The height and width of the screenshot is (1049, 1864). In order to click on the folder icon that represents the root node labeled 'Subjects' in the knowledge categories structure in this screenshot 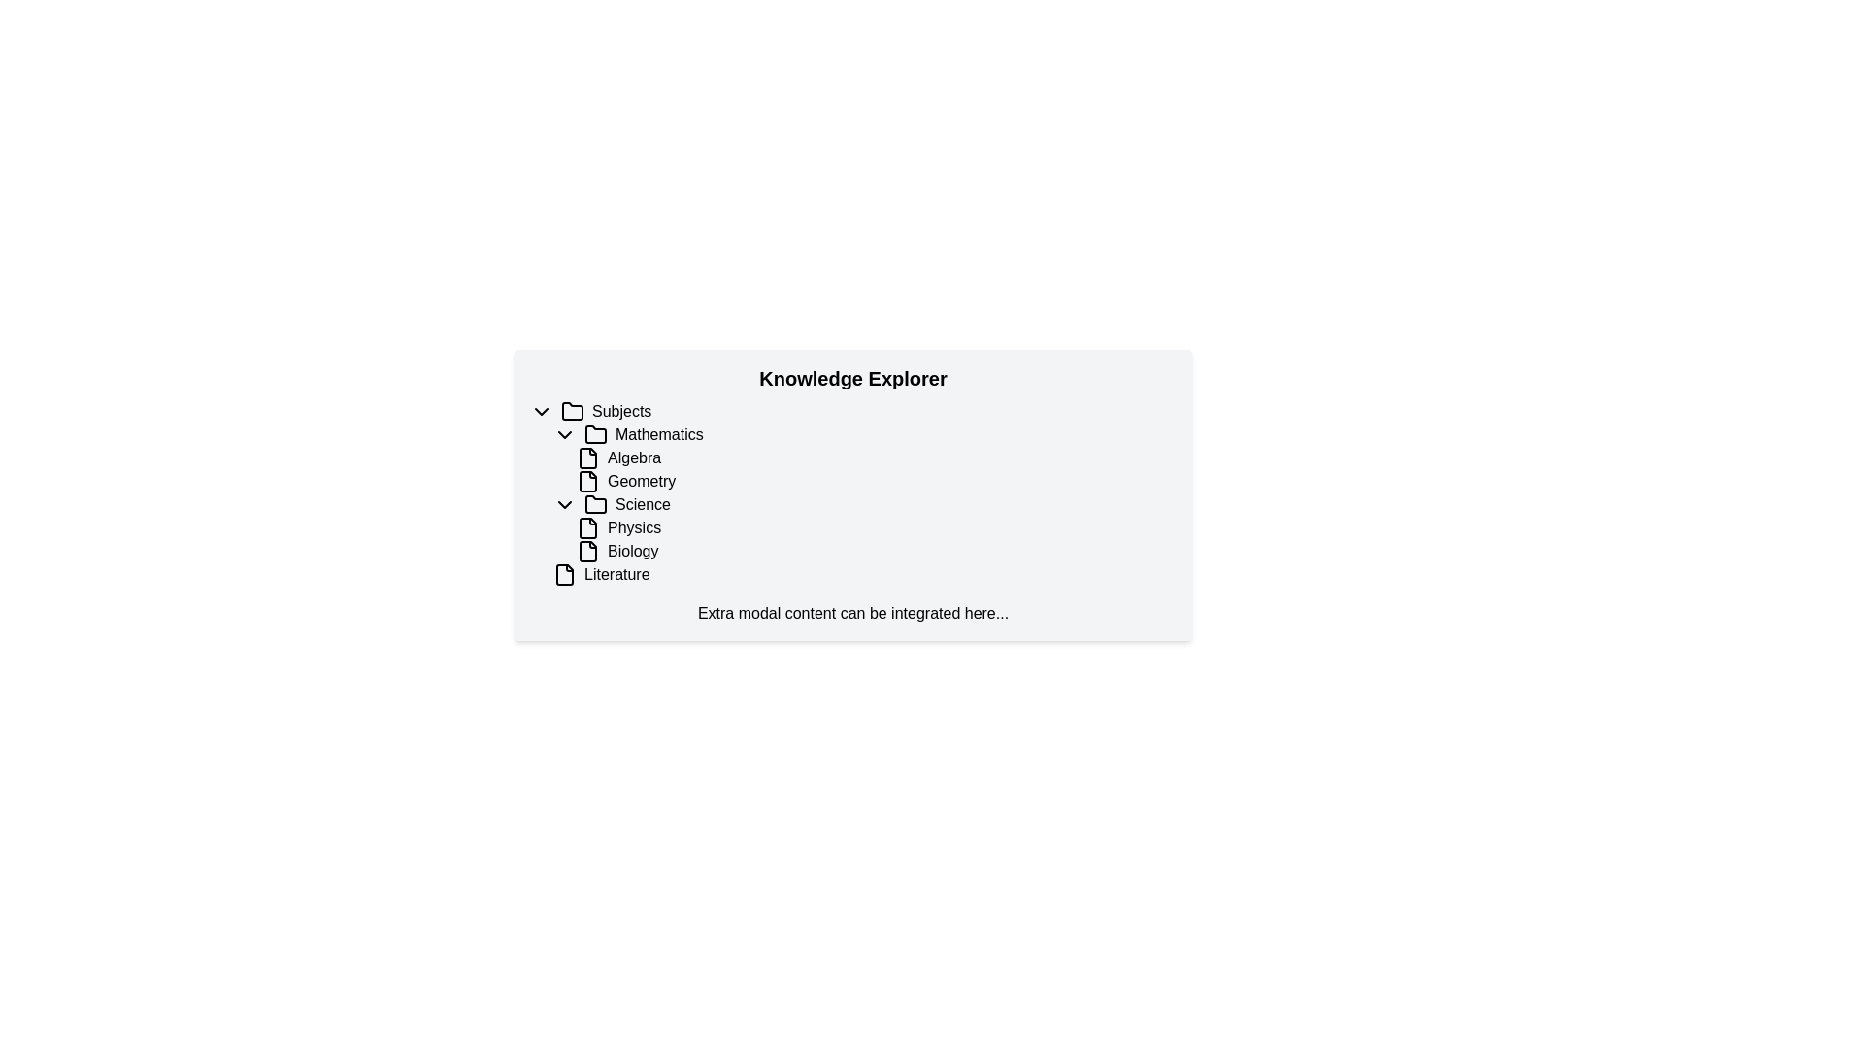, I will do `click(572, 410)`.